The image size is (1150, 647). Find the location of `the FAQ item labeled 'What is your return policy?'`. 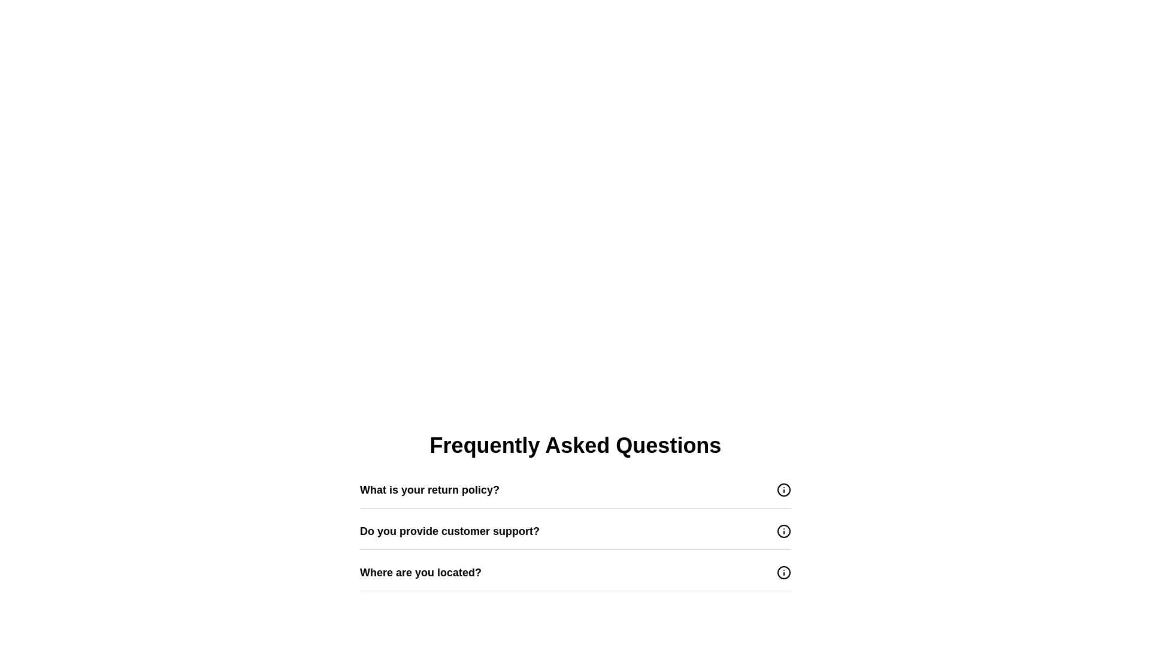

the FAQ item labeled 'What is your return policy?' is located at coordinates (575, 489).